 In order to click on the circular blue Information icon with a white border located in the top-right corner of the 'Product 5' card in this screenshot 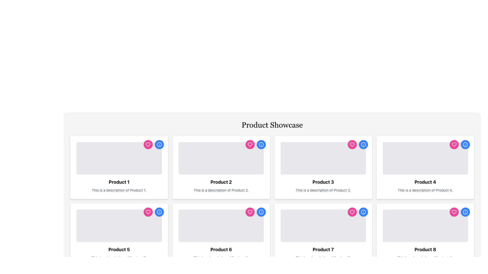, I will do `click(159, 212)`.